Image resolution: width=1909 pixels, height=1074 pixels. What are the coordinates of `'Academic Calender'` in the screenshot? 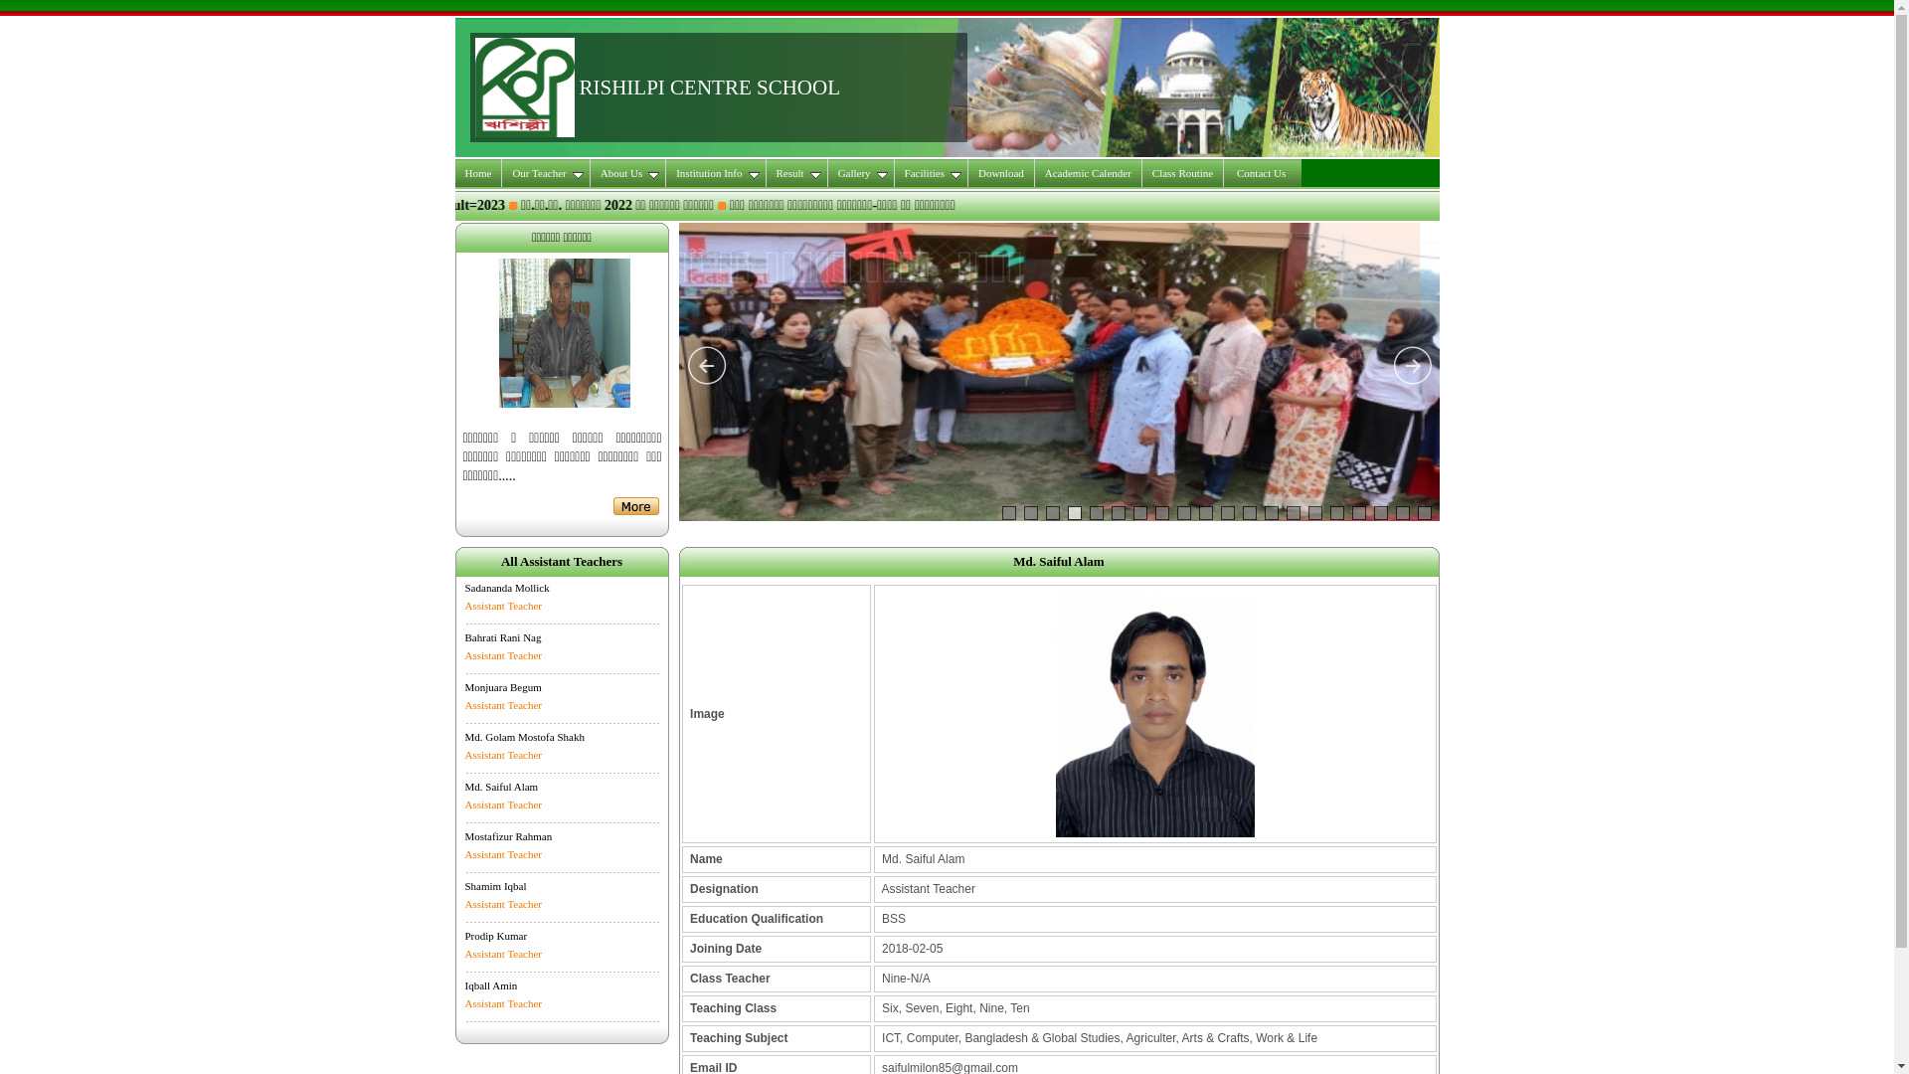 It's located at (1087, 171).